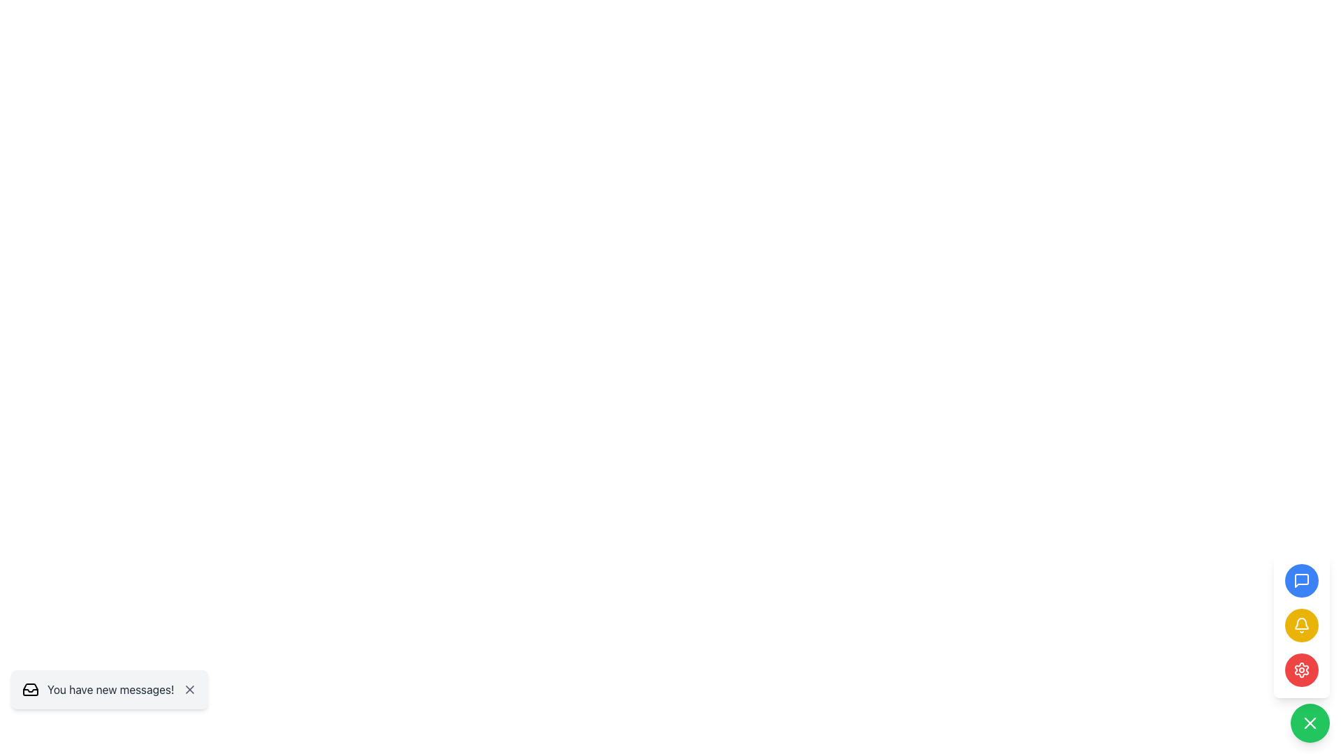 The width and height of the screenshot is (1341, 754). I want to click on the close button (an 'X' icon) located at the far right of the notification area that reads 'You have new messages!', so click(189, 688).